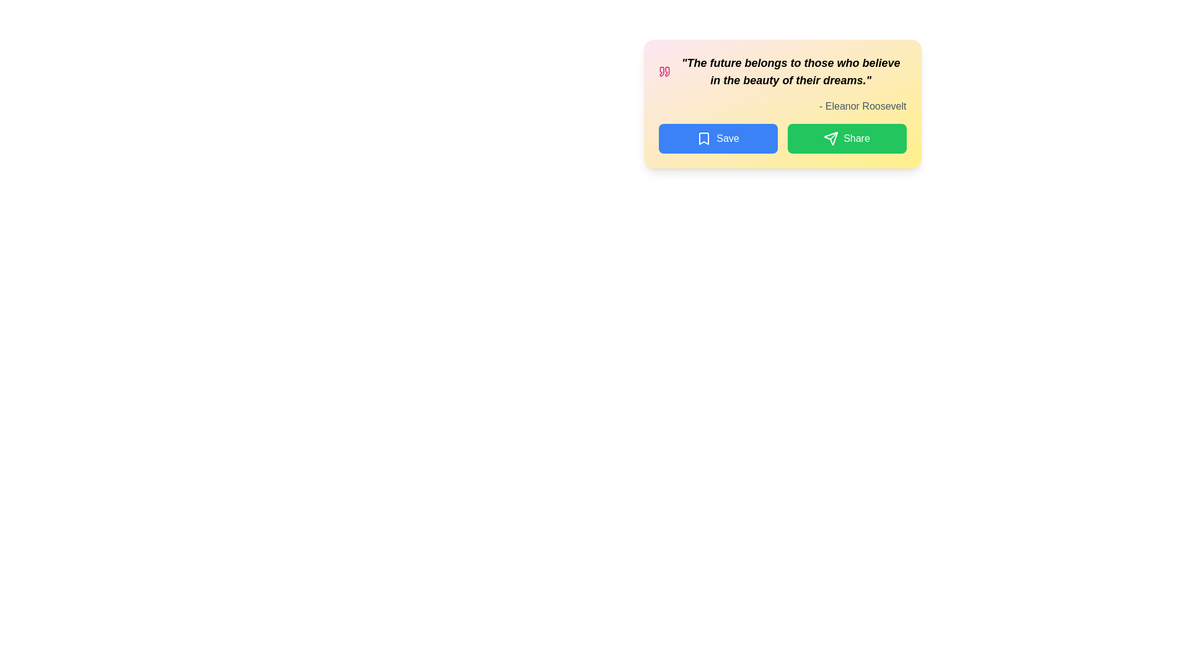  I want to click on text displayed in italic font that states 'The future belongs to those who believe in the beauty of their dreams.', so click(782, 71).